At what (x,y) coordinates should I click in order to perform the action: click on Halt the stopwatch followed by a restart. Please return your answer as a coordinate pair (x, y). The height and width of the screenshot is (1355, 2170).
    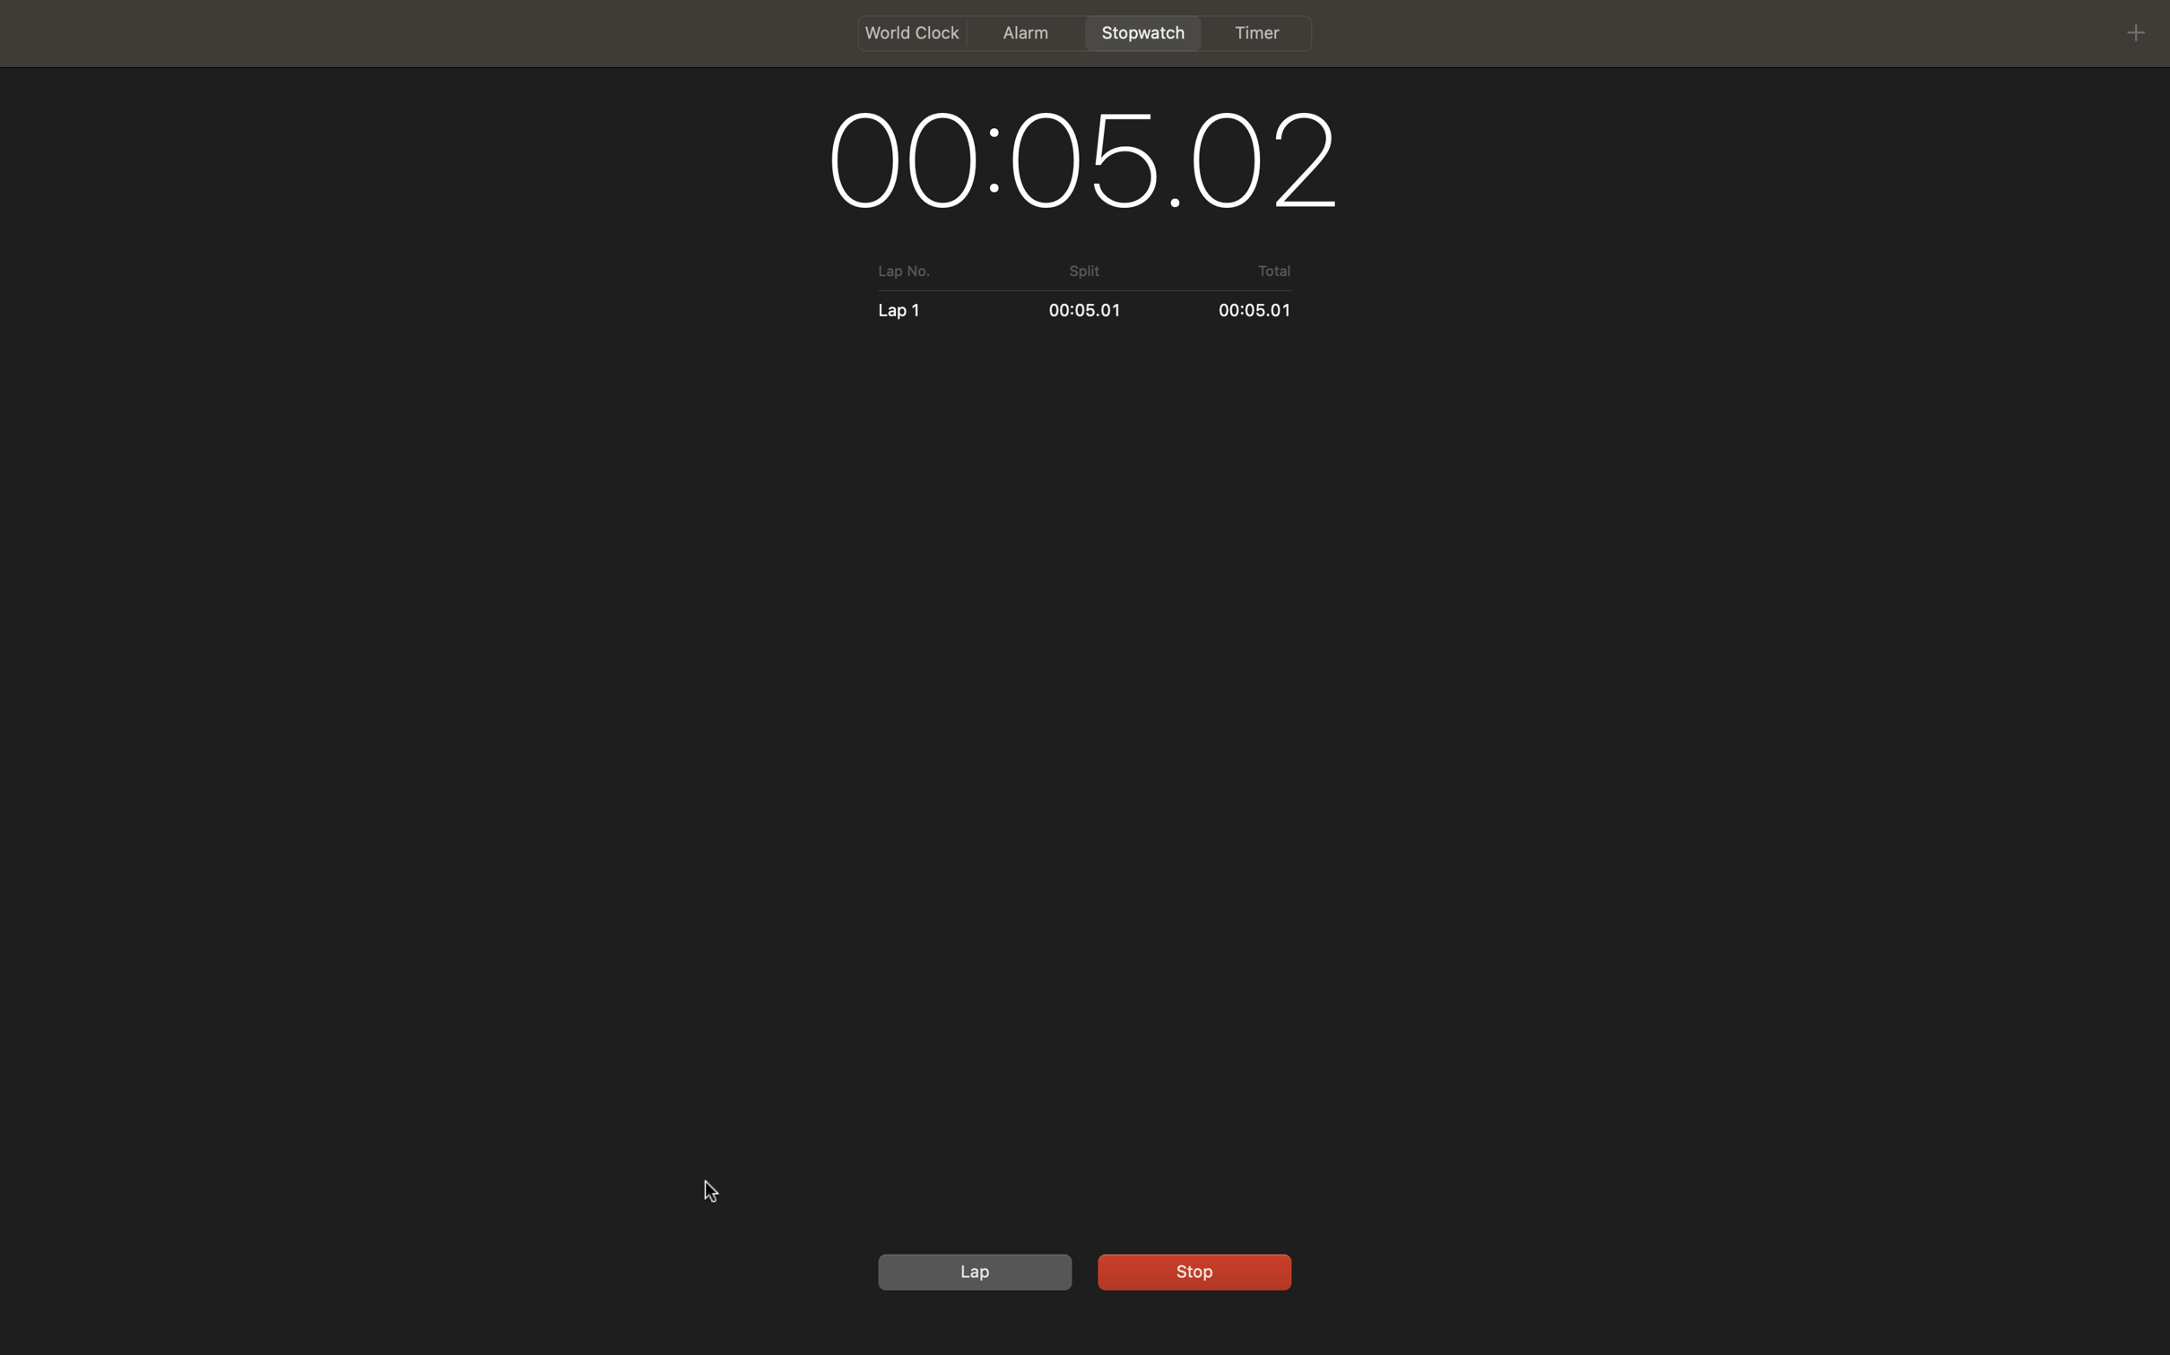
    Looking at the image, I should click on (1191, 1269).